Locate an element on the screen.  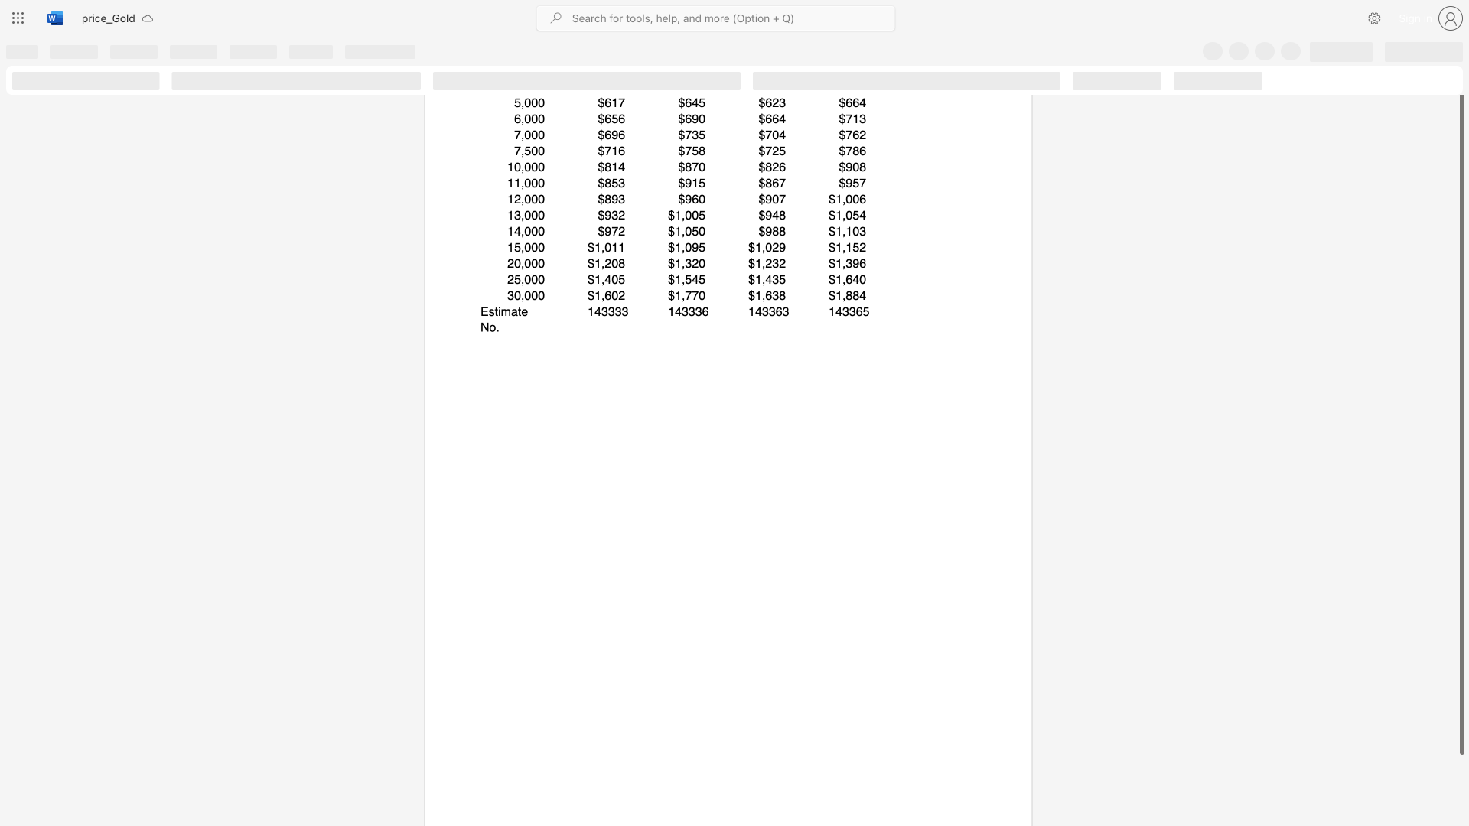
the scrollbar and move down 100 pixels is located at coordinates (1461, 418).